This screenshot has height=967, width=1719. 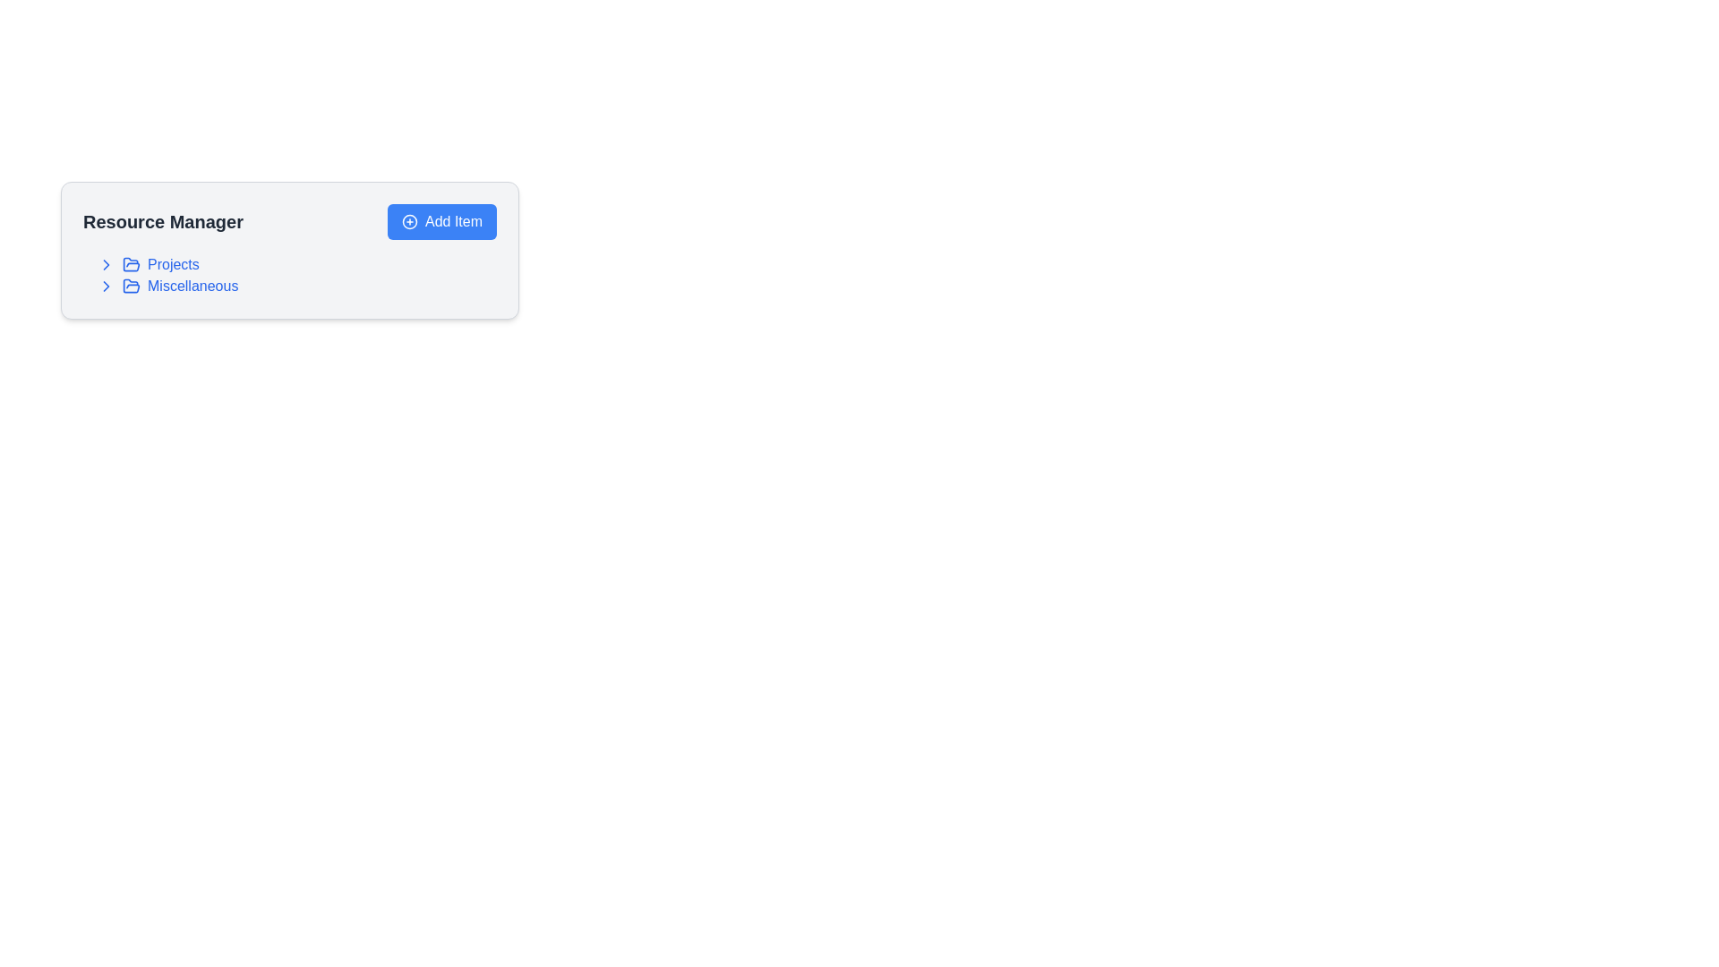 I want to click on the 'Projects' Navigation List Item, so click(x=296, y=265).